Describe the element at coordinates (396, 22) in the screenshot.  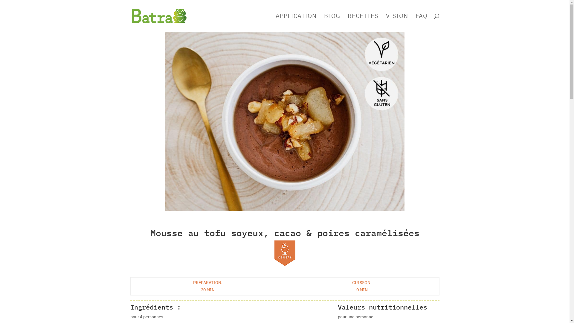
I see `'VISION'` at that location.